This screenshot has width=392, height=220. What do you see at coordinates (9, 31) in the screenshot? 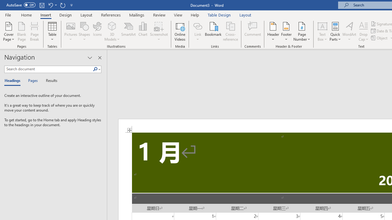
I see `'Cover Page'` at bounding box center [9, 31].